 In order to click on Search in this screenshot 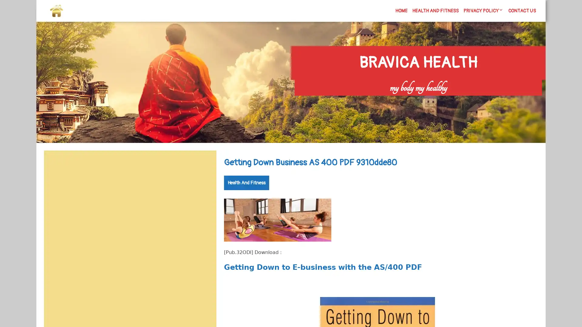, I will do `click(472, 99)`.